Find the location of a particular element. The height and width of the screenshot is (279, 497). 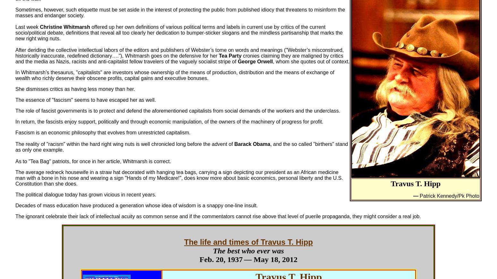

'Feb. 
              20, 1937' is located at coordinates (221, 259).